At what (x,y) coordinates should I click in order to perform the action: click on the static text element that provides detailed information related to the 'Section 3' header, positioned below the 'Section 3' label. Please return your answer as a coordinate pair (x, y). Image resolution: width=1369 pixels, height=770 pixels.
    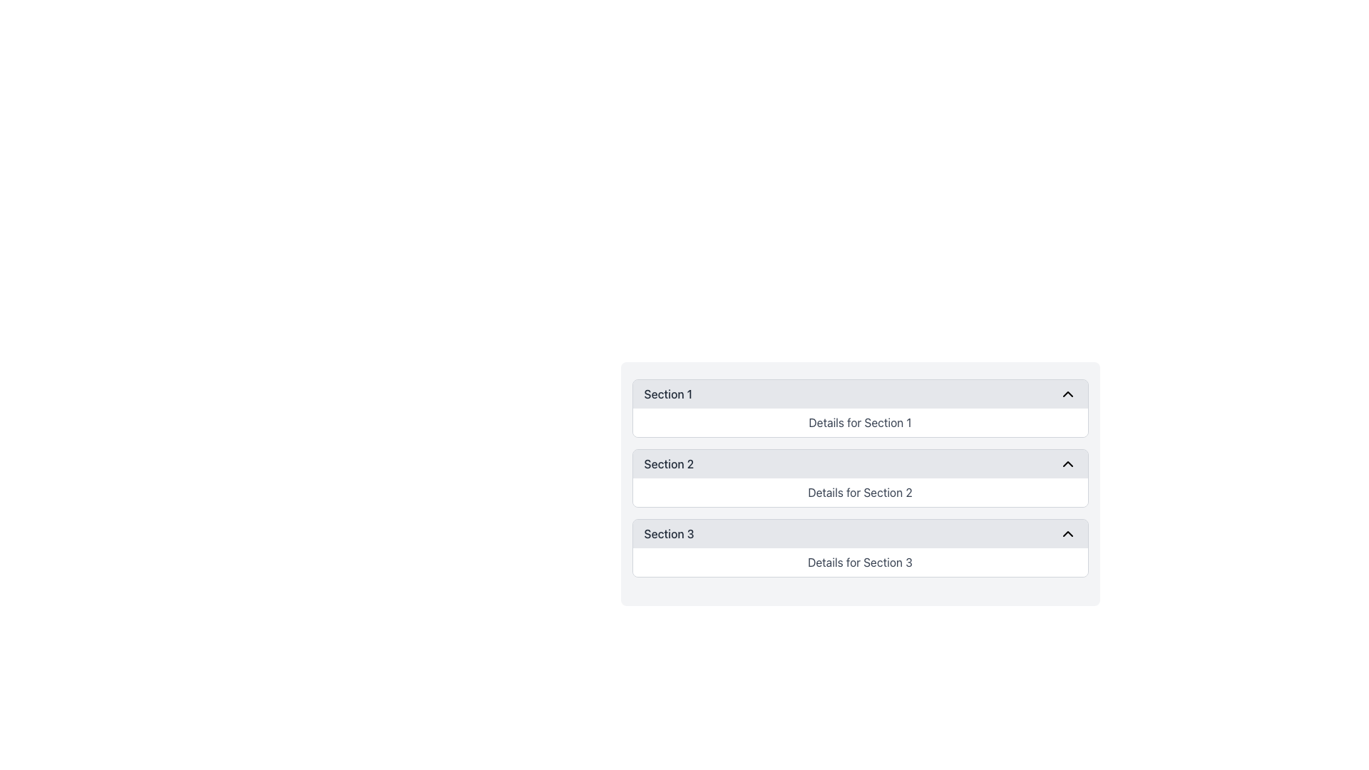
    Looking at the image, I should click on (859, 562).